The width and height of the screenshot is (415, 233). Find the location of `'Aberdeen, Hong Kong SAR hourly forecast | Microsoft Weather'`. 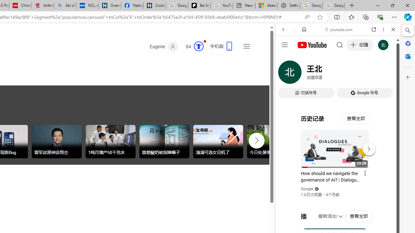

'Aberdeen, Hong Kong SAR hourly forecast | Microsoft Weather' is located at coordinates (267, 6).